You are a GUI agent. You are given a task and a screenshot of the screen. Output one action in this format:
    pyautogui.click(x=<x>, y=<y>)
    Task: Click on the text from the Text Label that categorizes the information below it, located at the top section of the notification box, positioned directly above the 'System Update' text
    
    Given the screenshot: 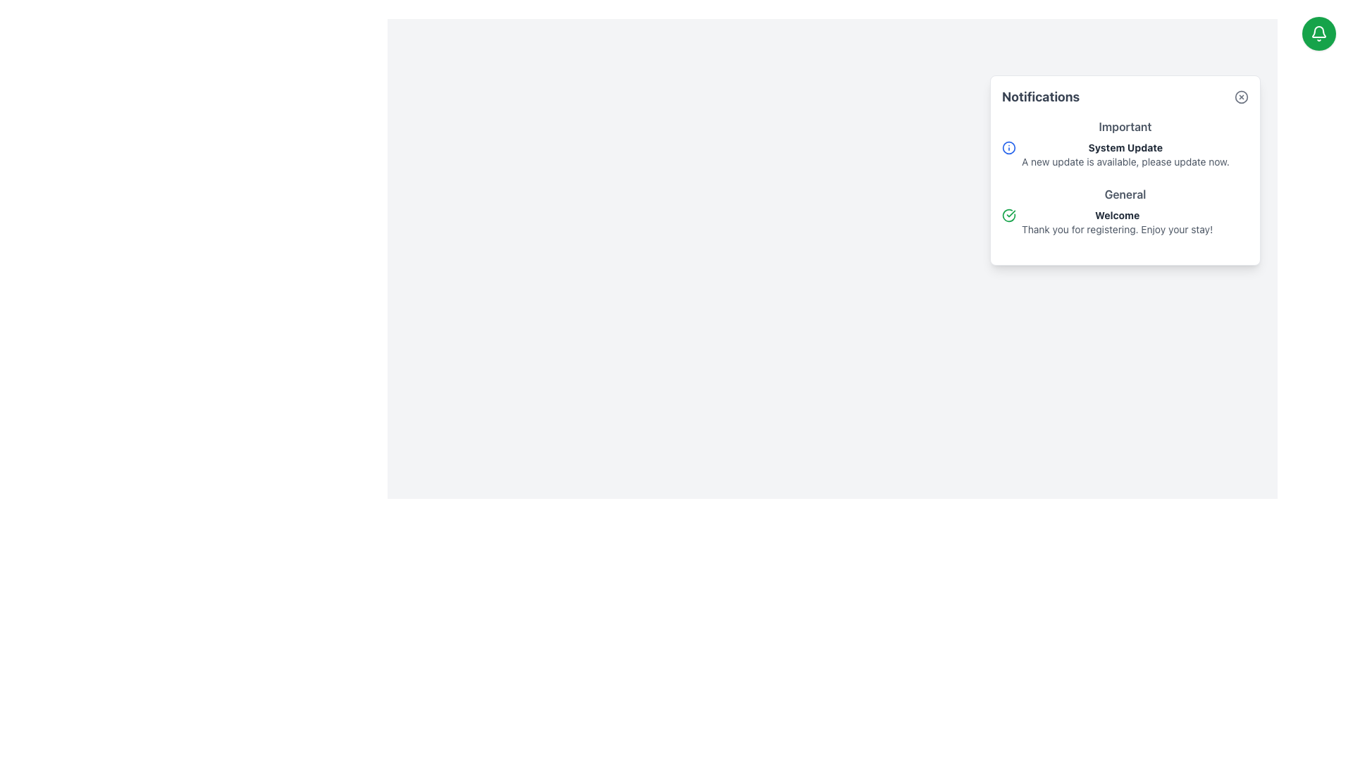 What is the action you would take?
    pyautogui.click(x=1125, y=127)
    